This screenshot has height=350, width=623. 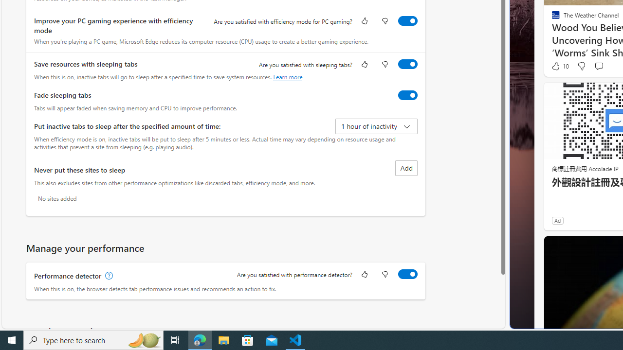 What do you see at coordinates (108, 276) in the screenshot?
I see `'Performance detector, learn more'` at bounding box center [108, 276].